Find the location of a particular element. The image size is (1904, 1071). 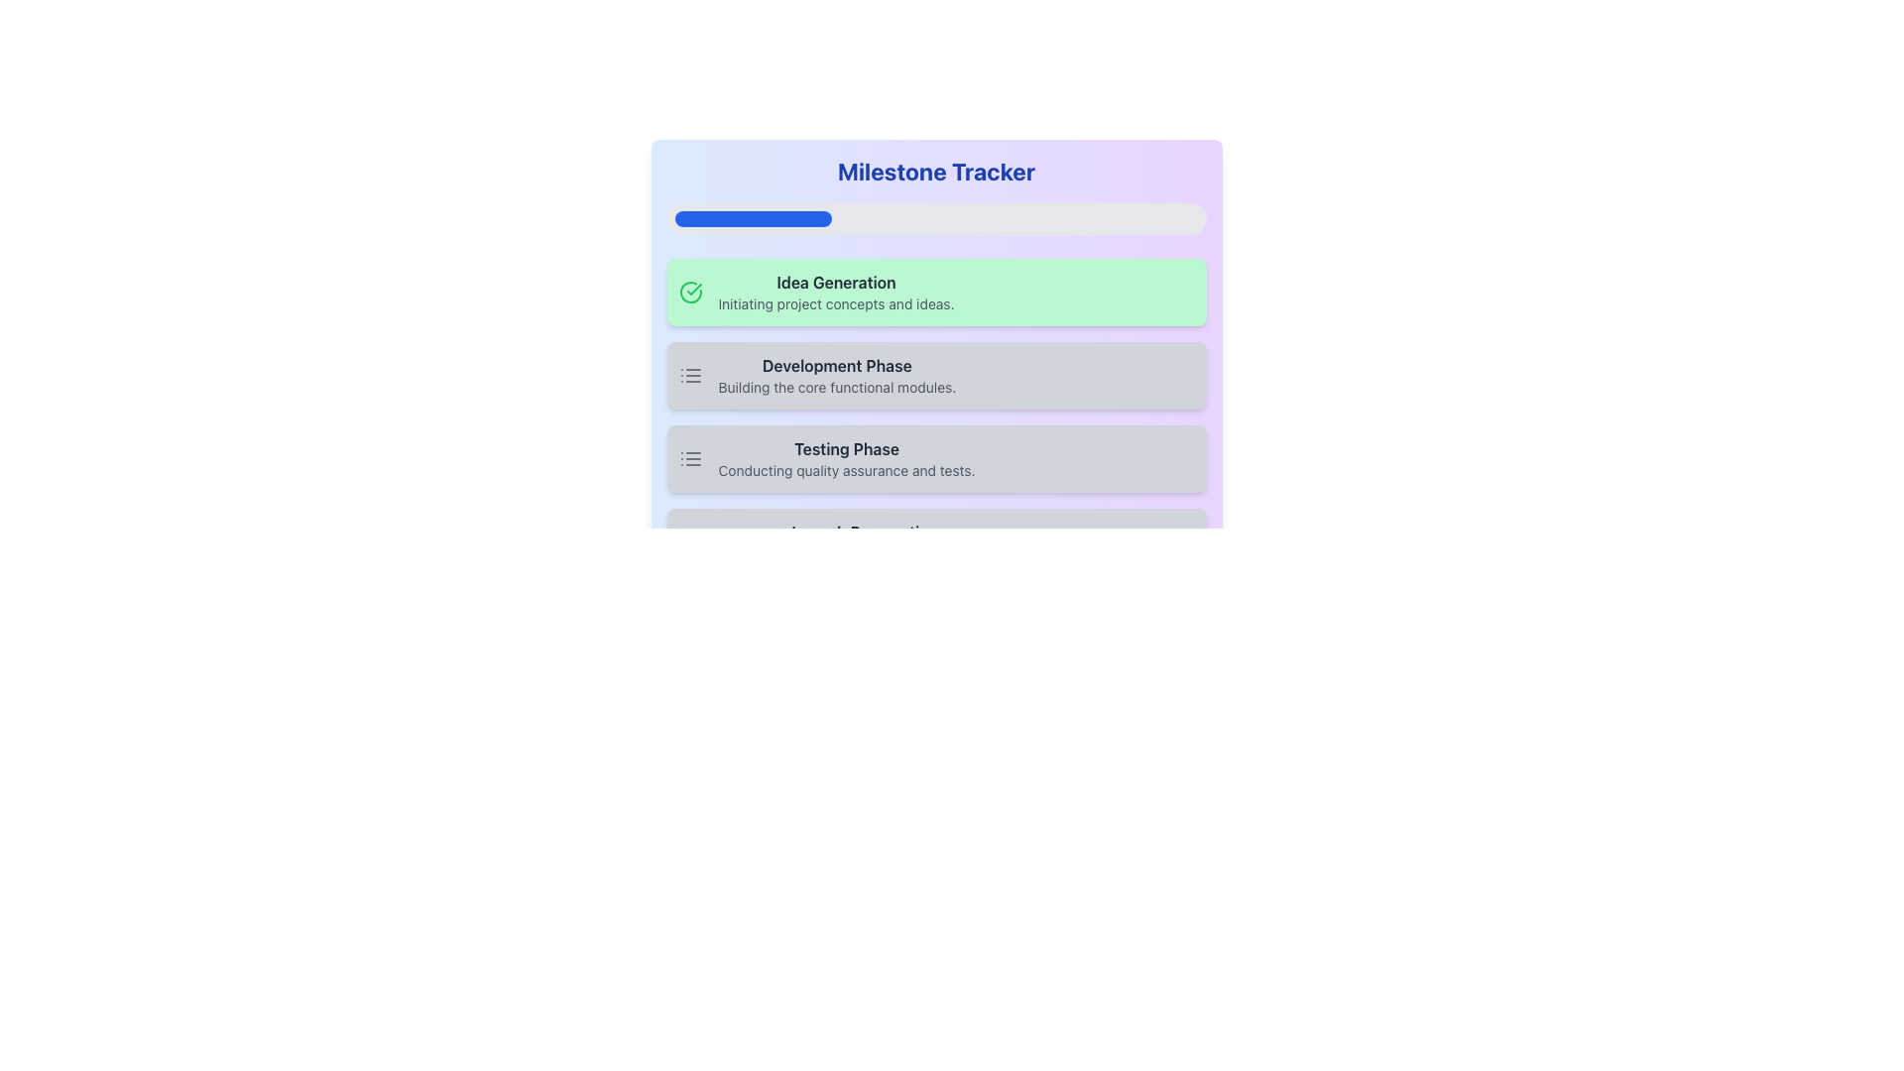

the title text labeled 'Milestone Tracker', which is prominently displayed in a bold, large blue font at the top of the milestone overview interface is located at coordinates (935, 171).